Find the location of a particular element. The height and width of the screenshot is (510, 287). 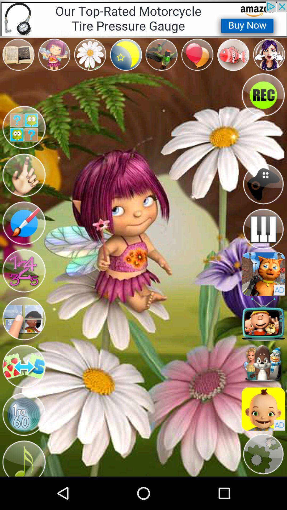

the game settings is located at coordinates (263, 454).